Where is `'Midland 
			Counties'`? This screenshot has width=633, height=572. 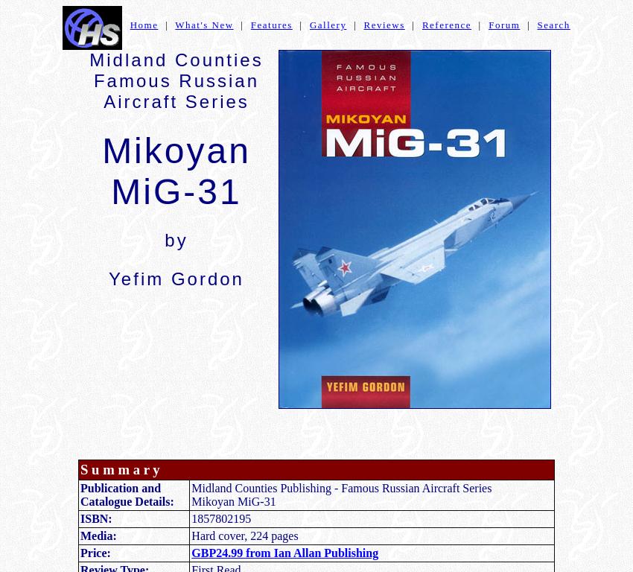
'Midland 
			Counties' is located at coordinates (176, 59).